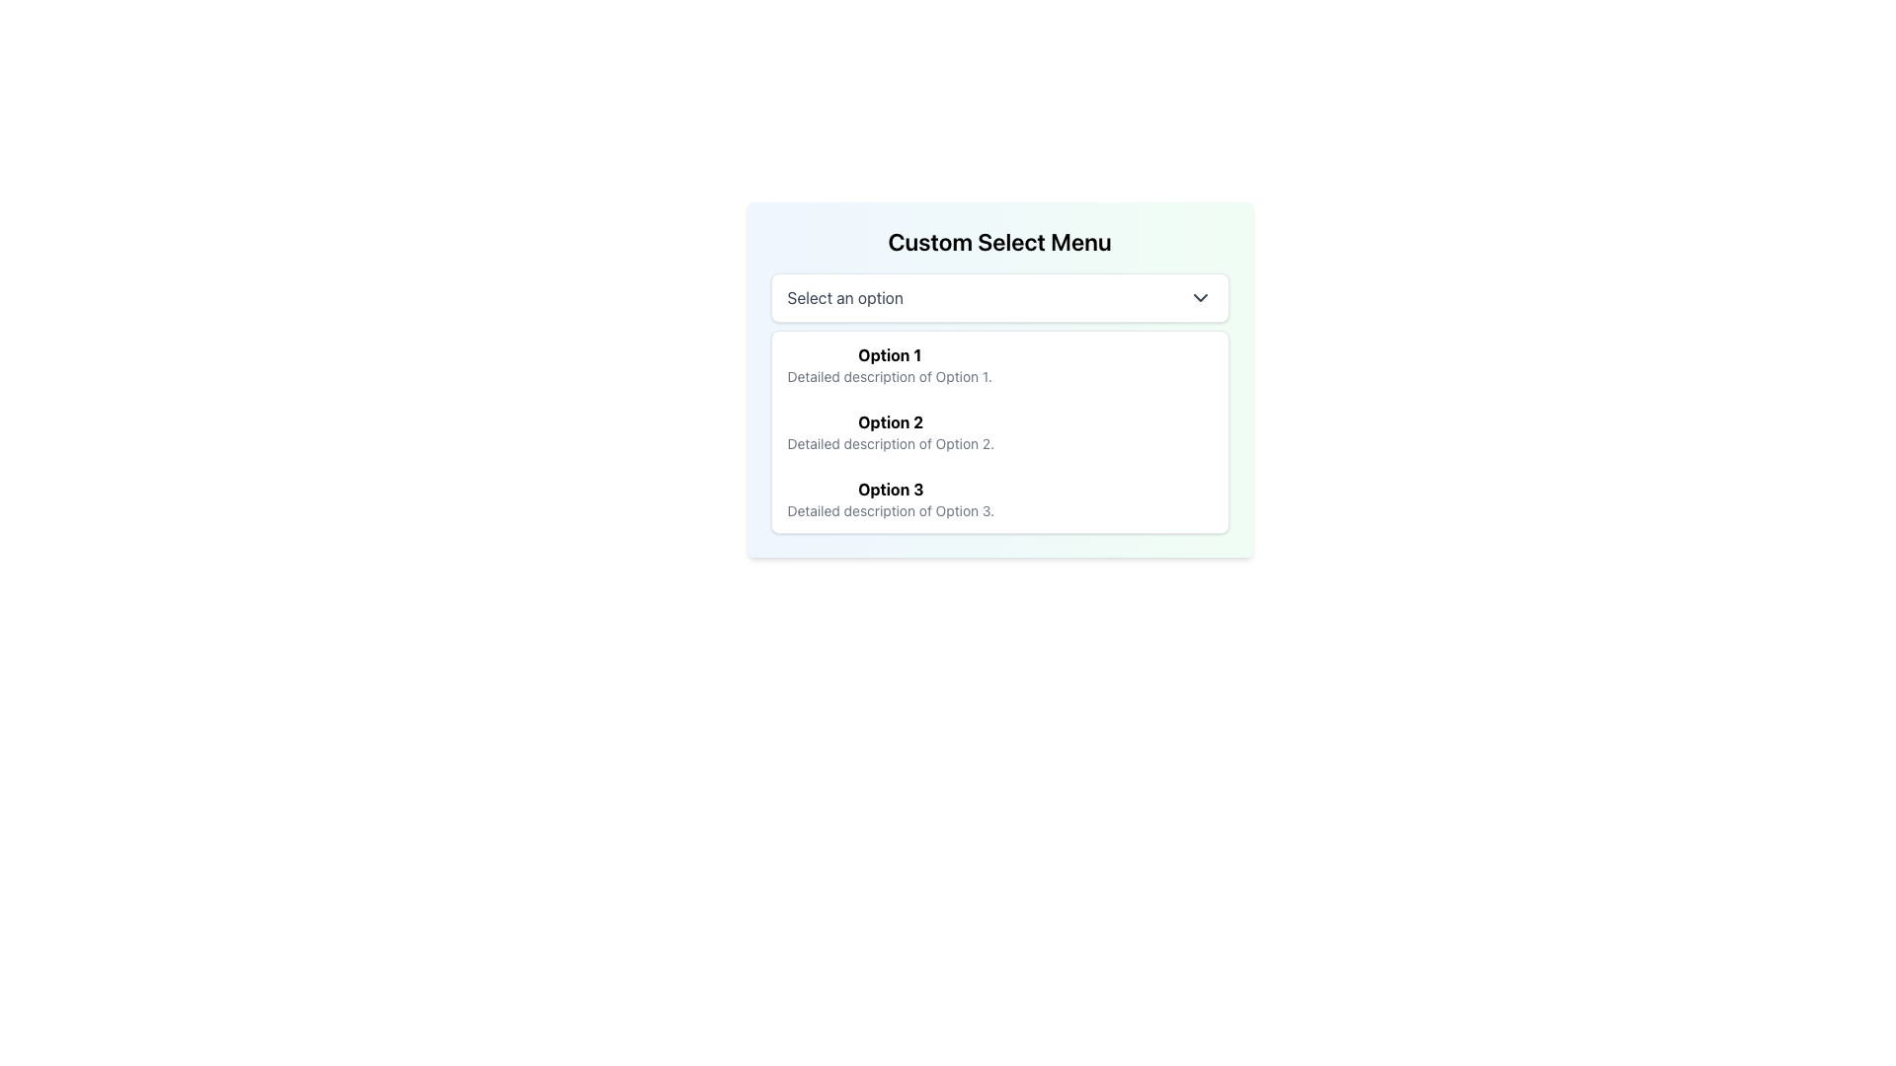 The height and width of the screenshot is (1066, 1896). Describe the element at coordinates (999, 497) in the screenshot. I see `the third selectable menu item titled 'Option 3'` at that location.